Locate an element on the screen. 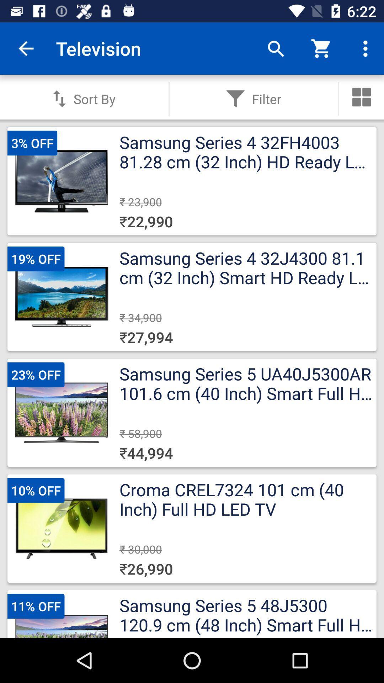 This screenshot has height=683, width=384. item above filter icon is located at coordinates (275, 48).